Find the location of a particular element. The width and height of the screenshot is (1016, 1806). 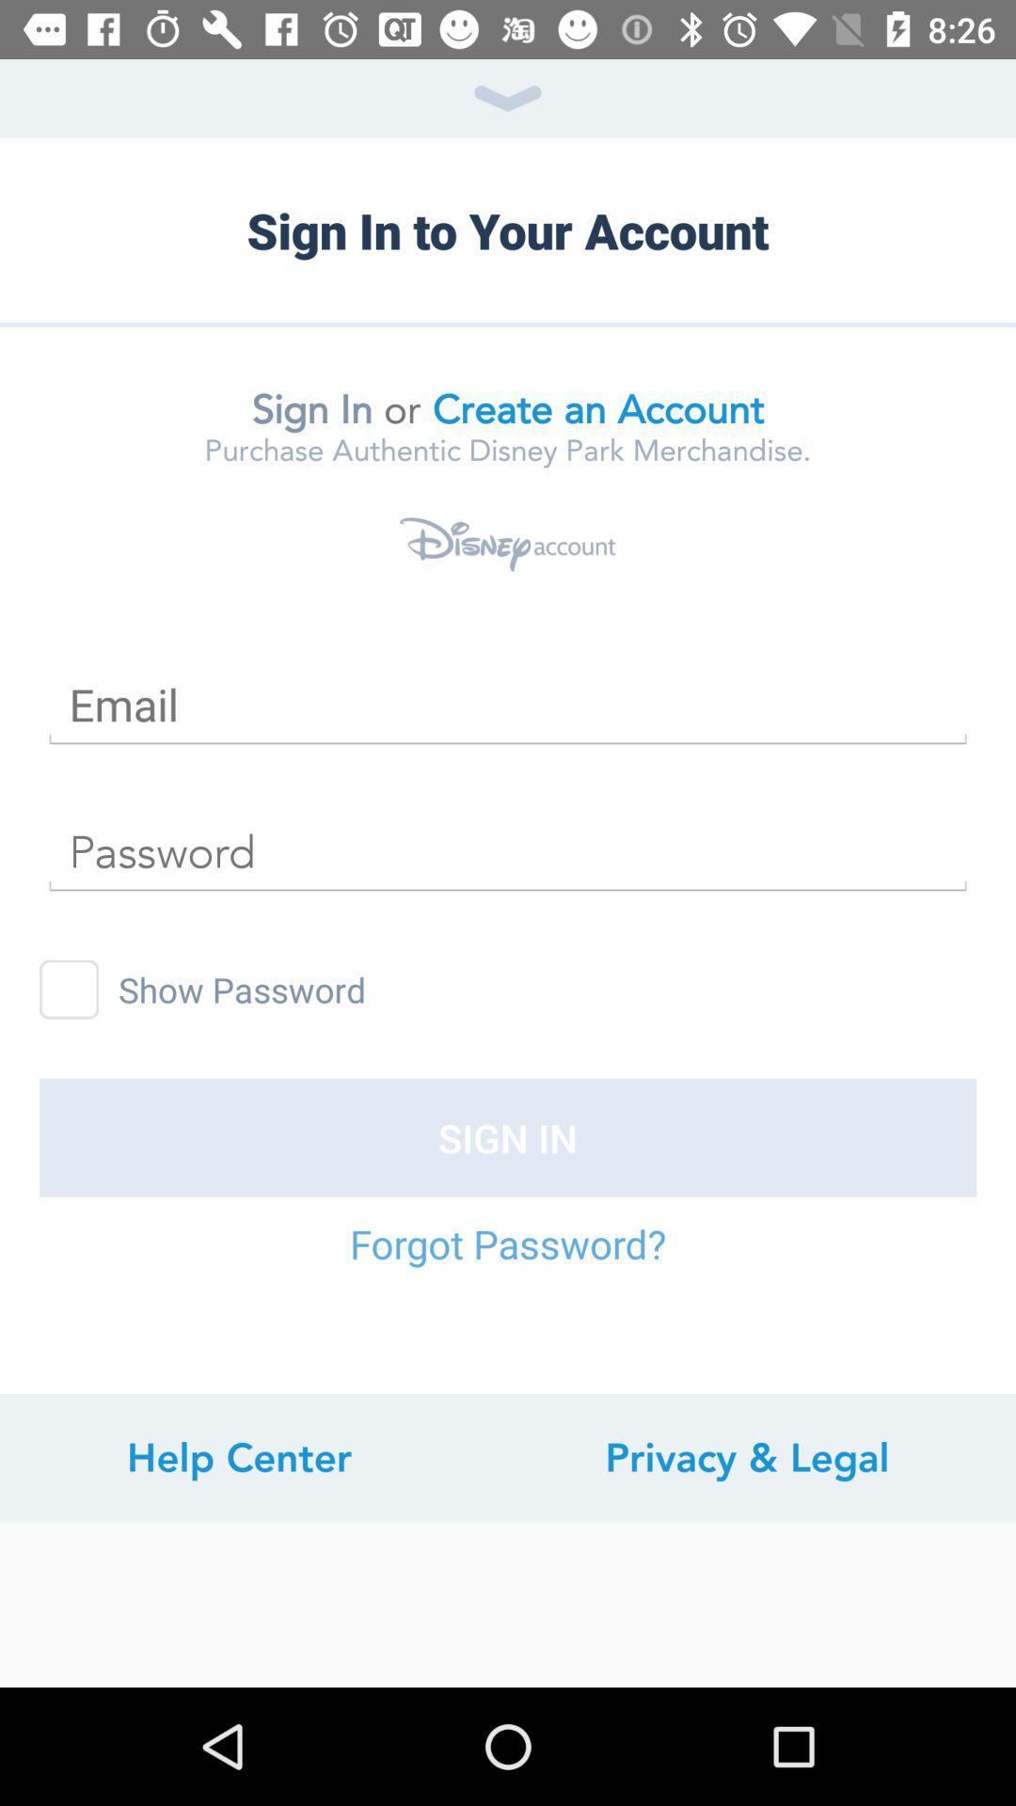

help center icon is located at coordinates (238, 1457).